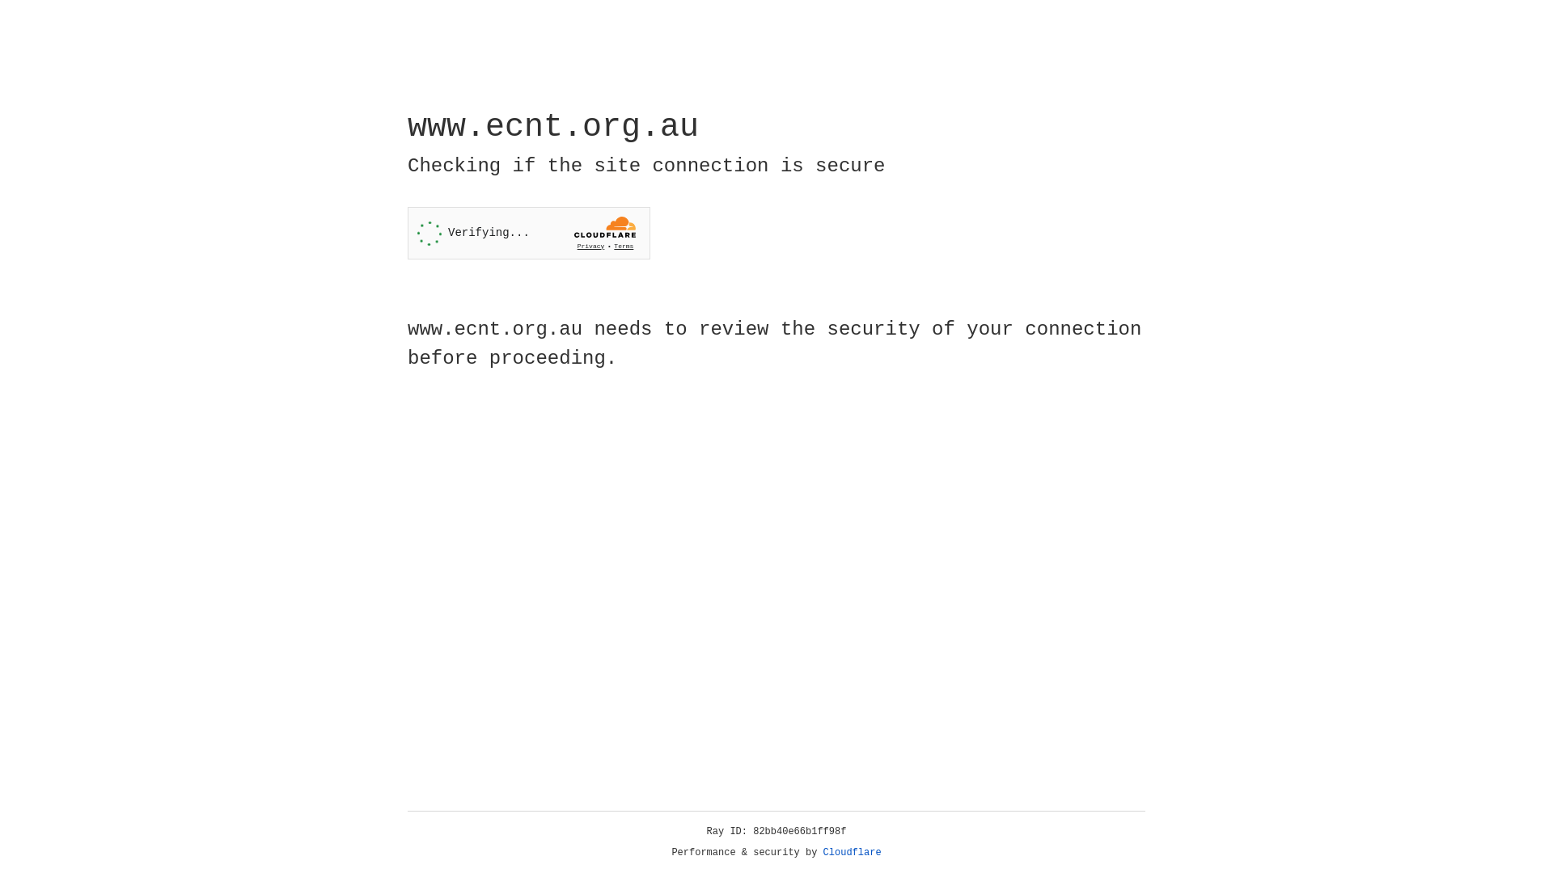 This screenshot has width=1553, height=873. What do you see at coordinates (852, 852) in the screenshot?
I see `'Cloudflare'` at bounding box center [852, 852].